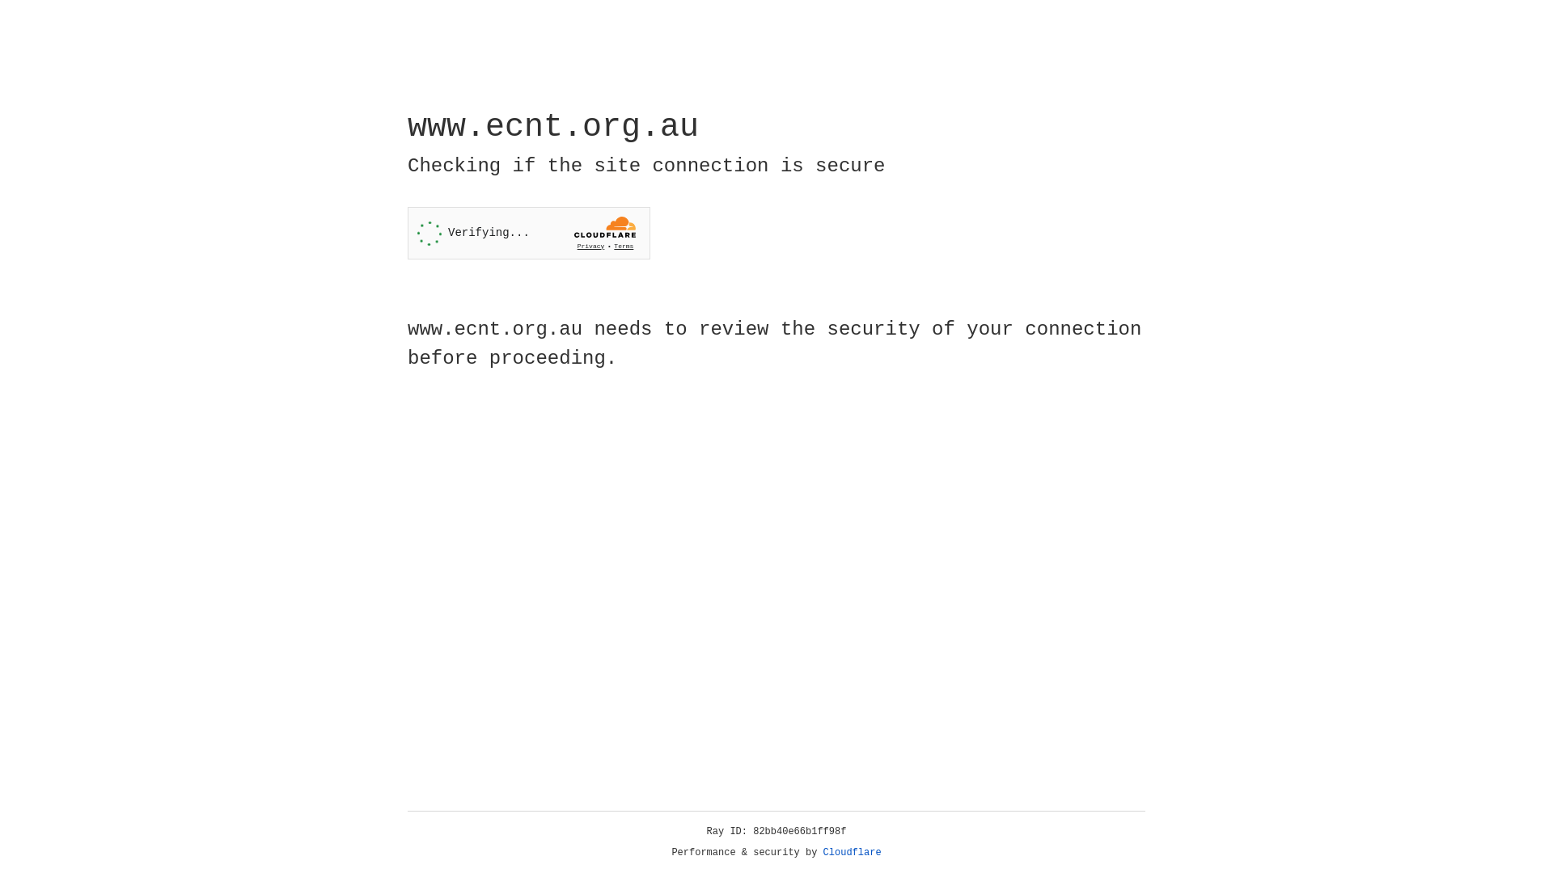 This screenshot has width=1553, height=873. What do you see at coordinates (852, 852) in the screenshot?
I see `'Cloudflare'` at bounding box center [852, 852].